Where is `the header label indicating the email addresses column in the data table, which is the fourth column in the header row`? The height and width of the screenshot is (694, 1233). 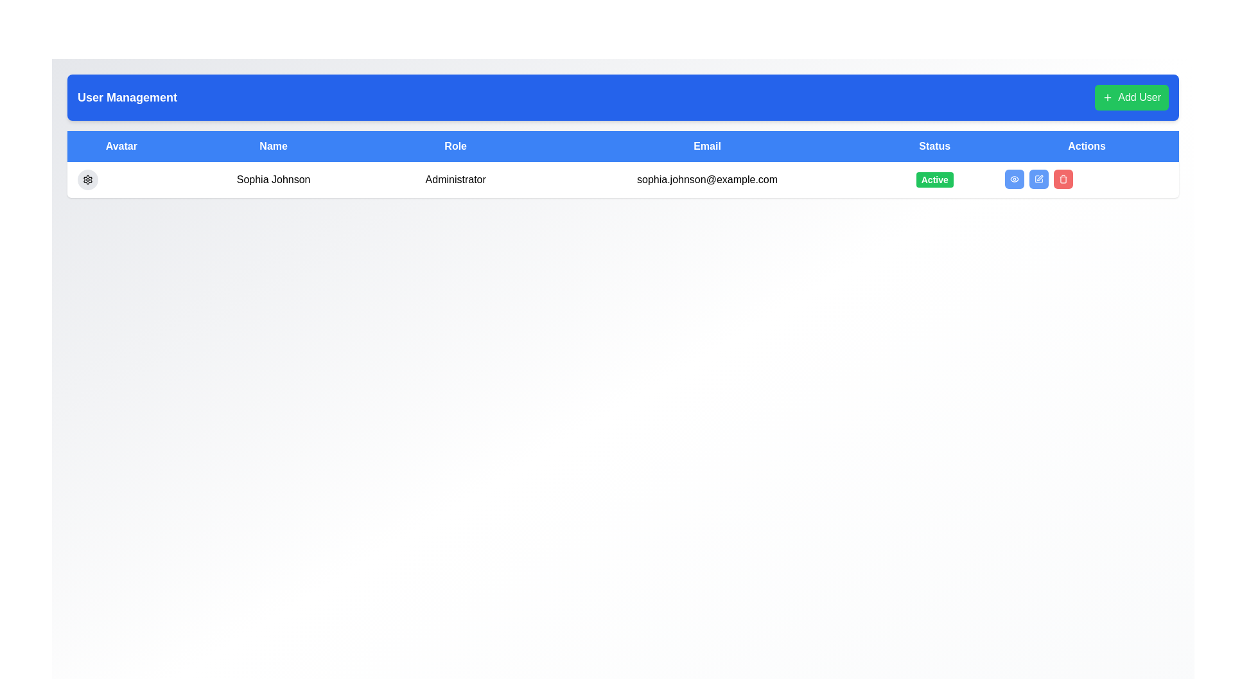 the header label indicating the email addresses column in the data table, which is the fourth column in the header row is located at coordinates (706, 145).